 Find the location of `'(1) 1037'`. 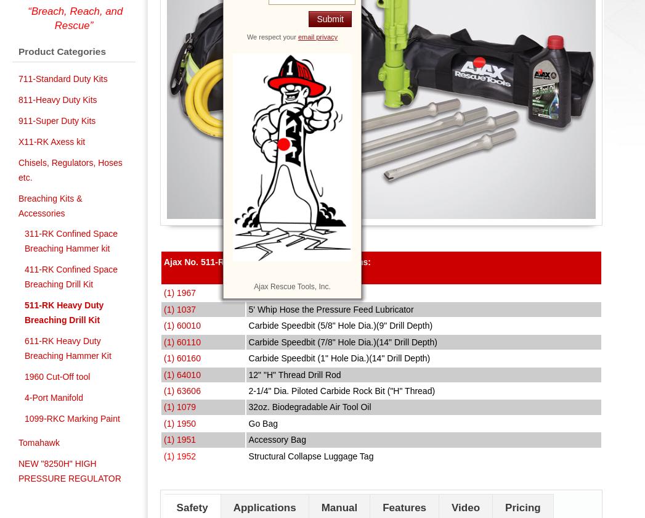

'(1) 1037' is located at coordinates (179, 308).